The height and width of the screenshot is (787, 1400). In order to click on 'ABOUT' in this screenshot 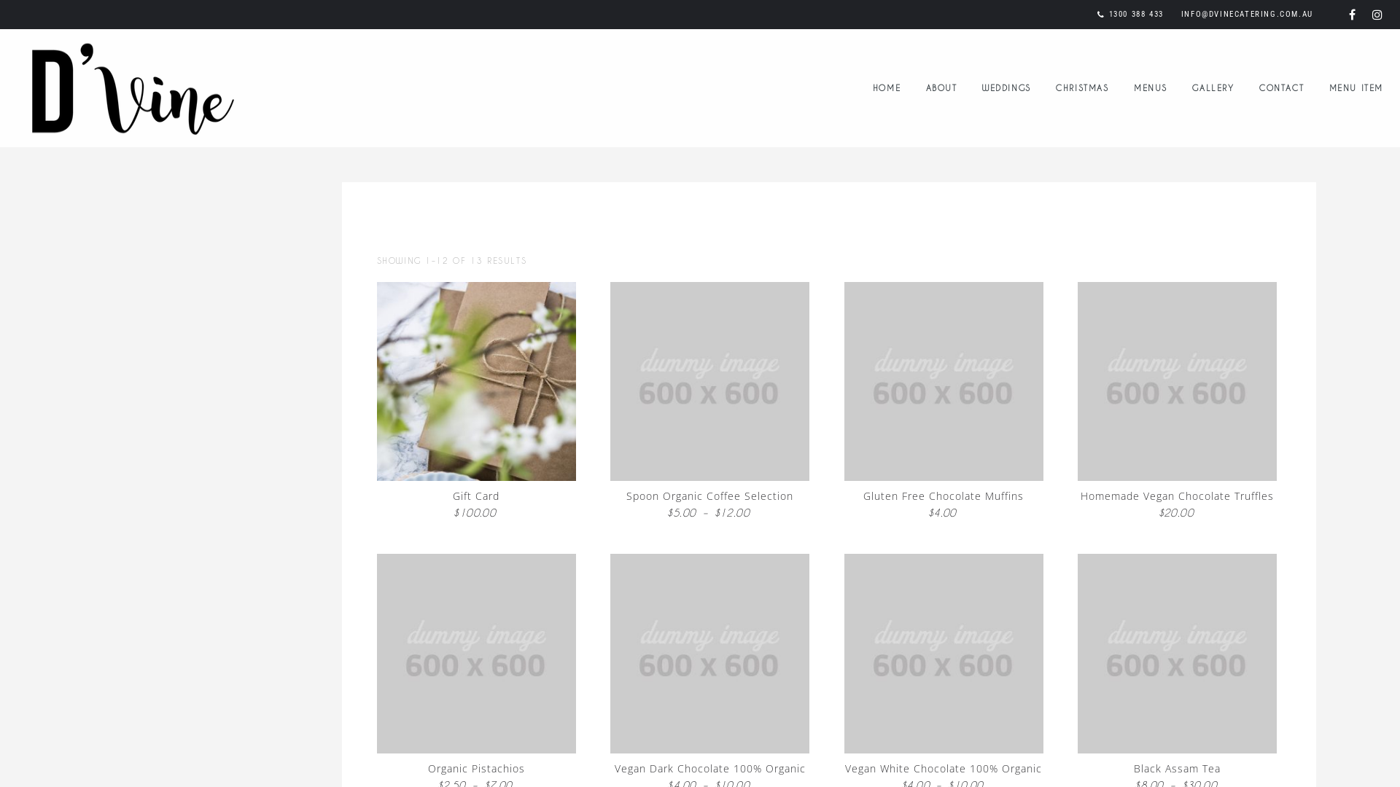, I will do `click(941, 87)`.